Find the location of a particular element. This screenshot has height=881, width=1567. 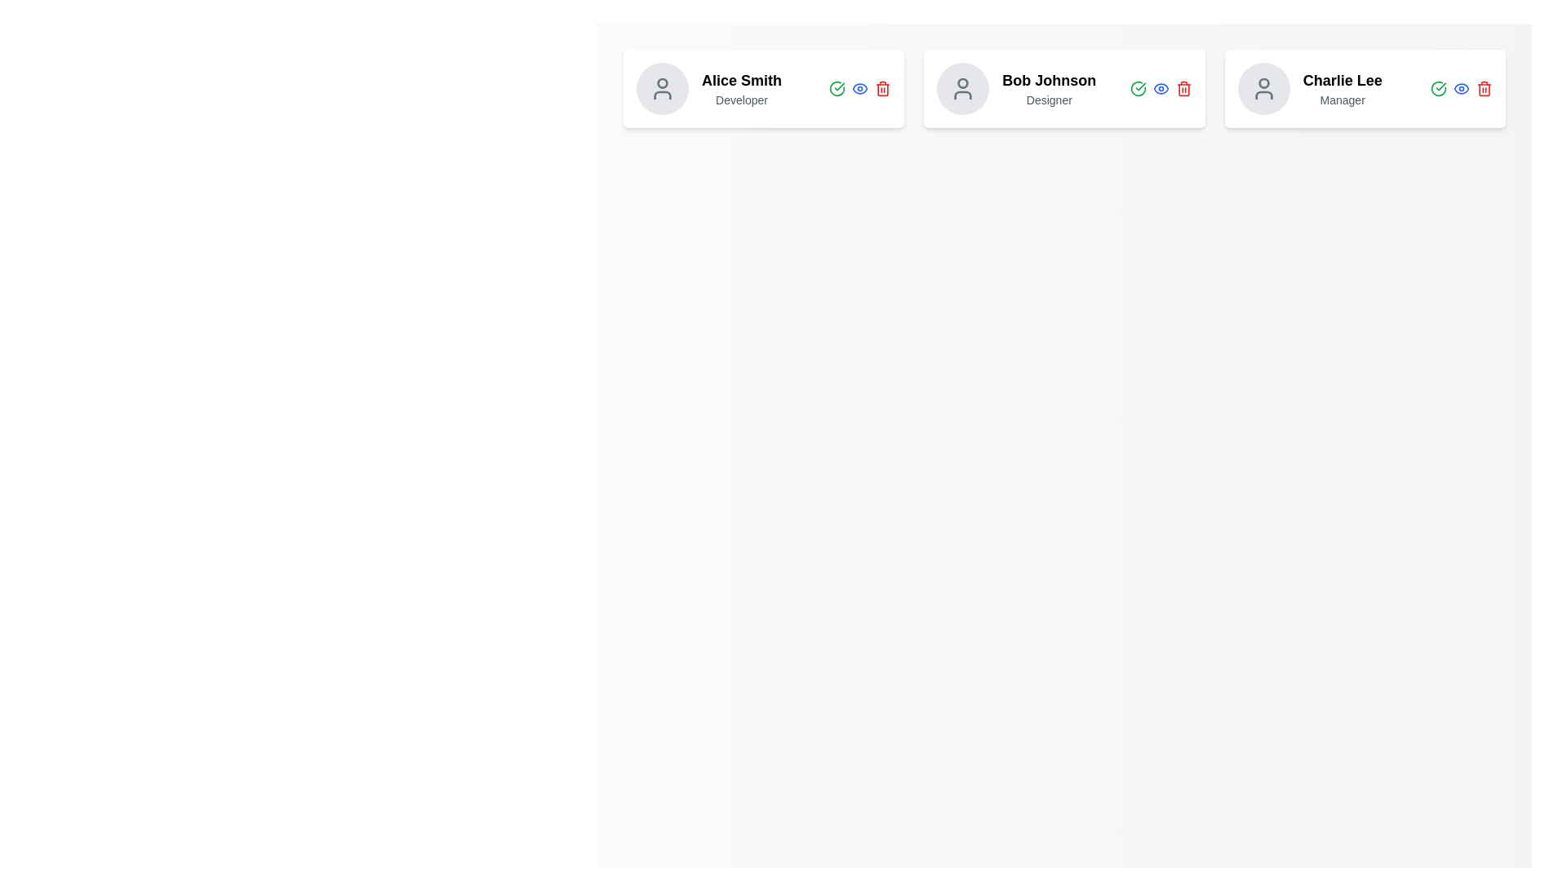

SVG circle element representing the head portion of the user avatar in developer tools is located at coordinates (1263, 83).